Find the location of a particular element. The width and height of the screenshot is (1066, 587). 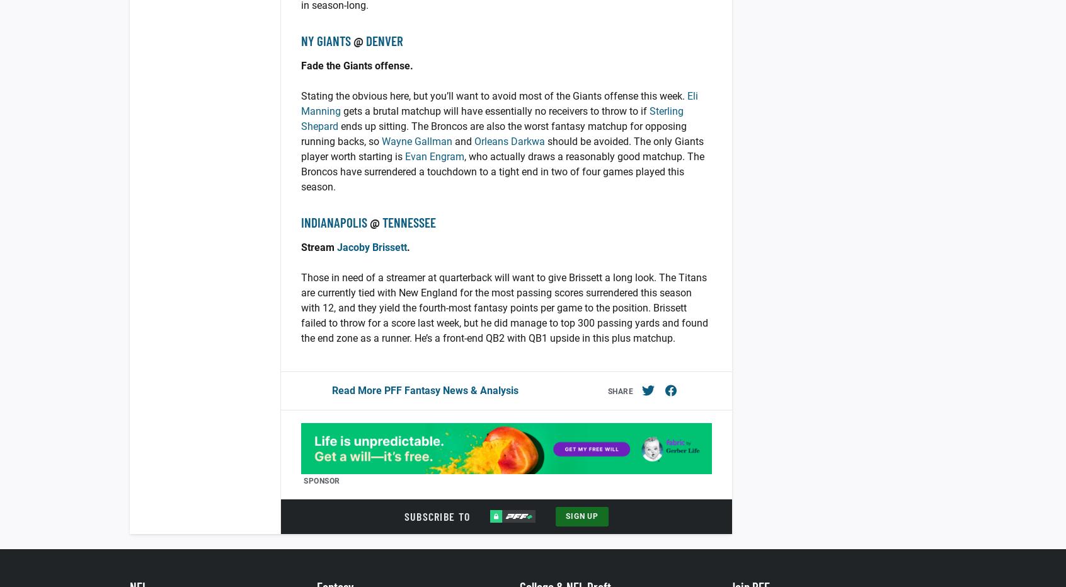

'Eli Manning' is located at coordinates (300, 103).